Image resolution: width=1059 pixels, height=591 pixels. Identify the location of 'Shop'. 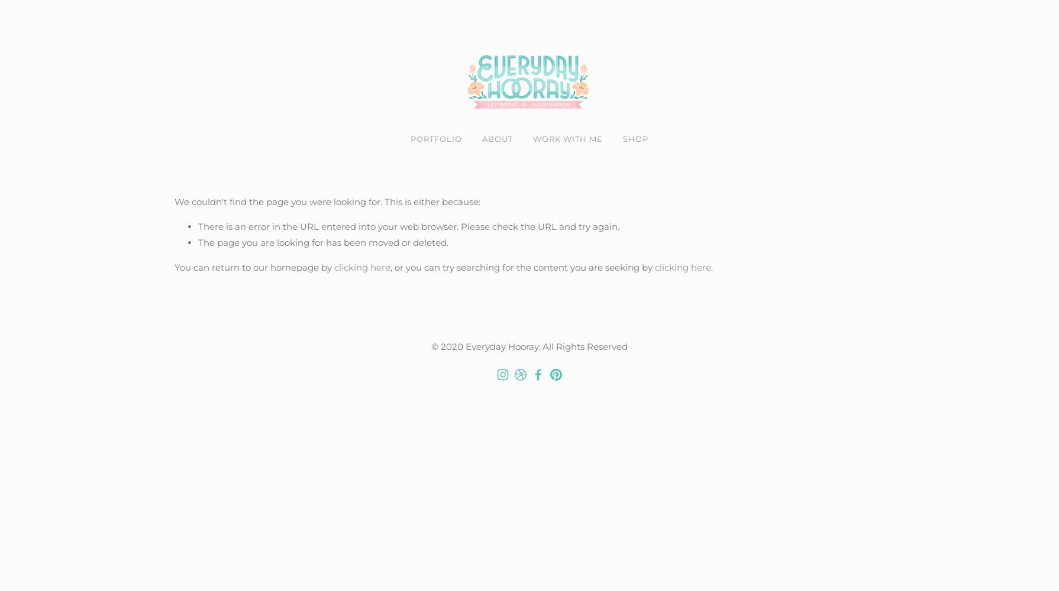
(623, 138).